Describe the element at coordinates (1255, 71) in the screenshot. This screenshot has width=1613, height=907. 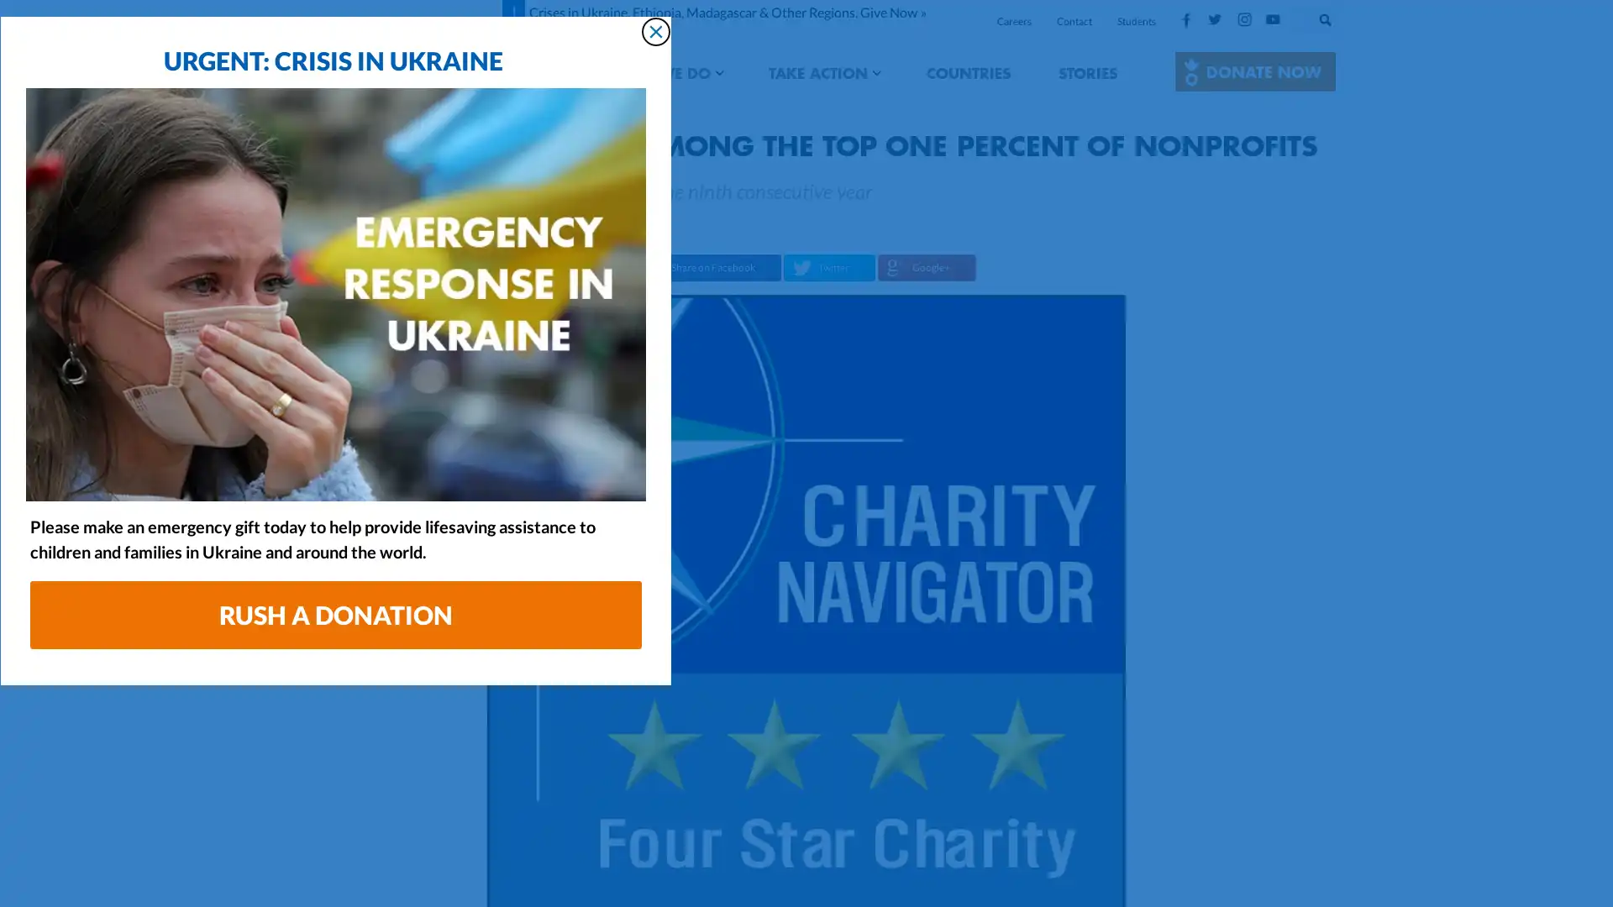
I see `Click Me` at that location.